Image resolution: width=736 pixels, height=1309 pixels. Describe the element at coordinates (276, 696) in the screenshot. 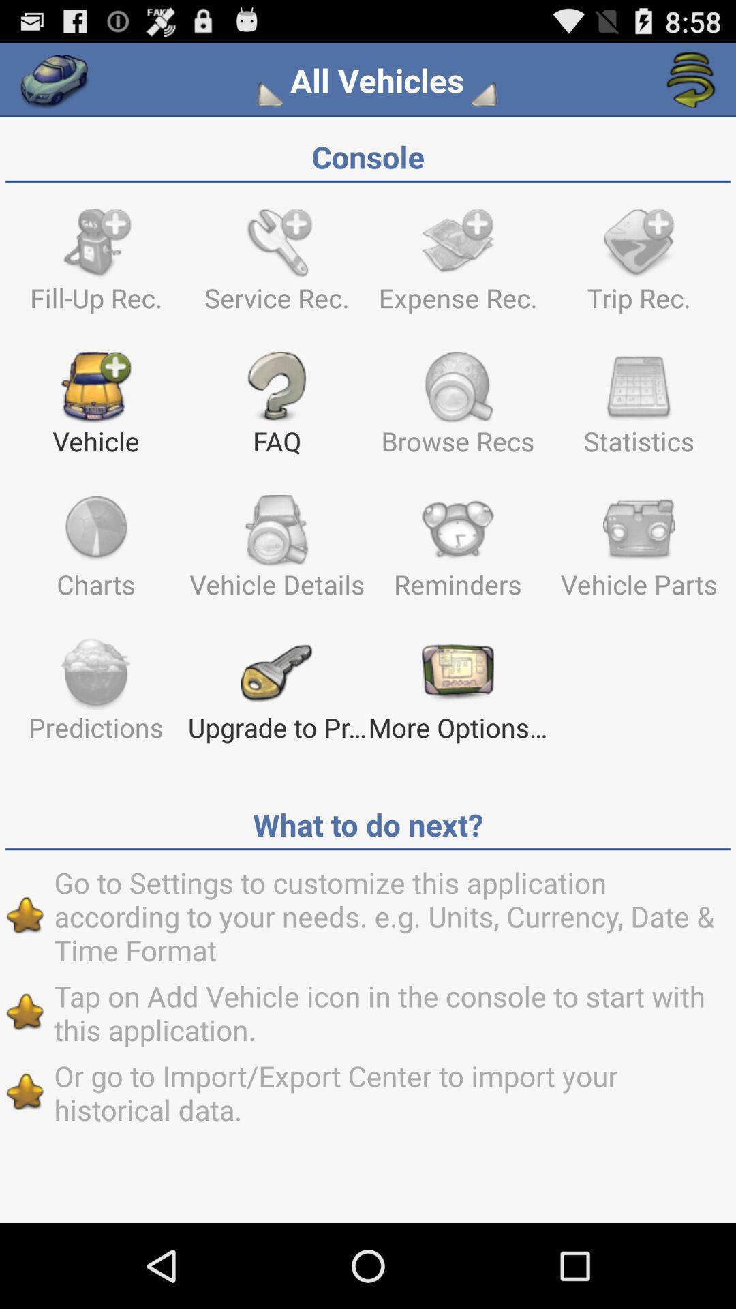

I see `item next to the more options... item` at that location.